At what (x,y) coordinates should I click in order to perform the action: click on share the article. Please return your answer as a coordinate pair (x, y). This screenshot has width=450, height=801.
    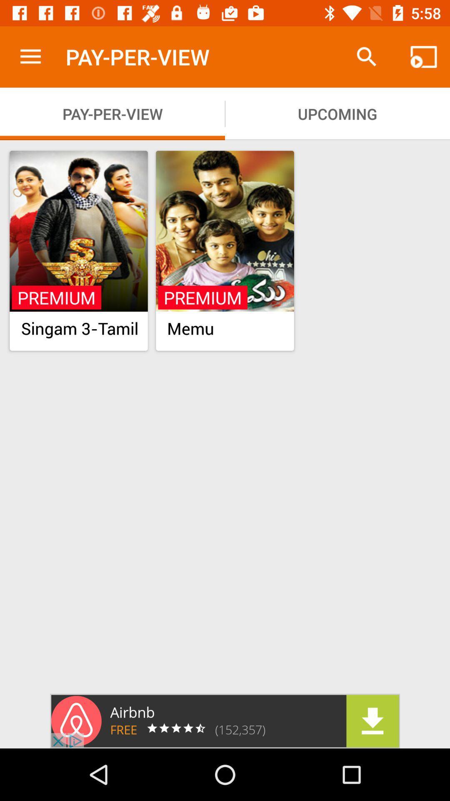
    Looking at the image, I should click on (225, 720).